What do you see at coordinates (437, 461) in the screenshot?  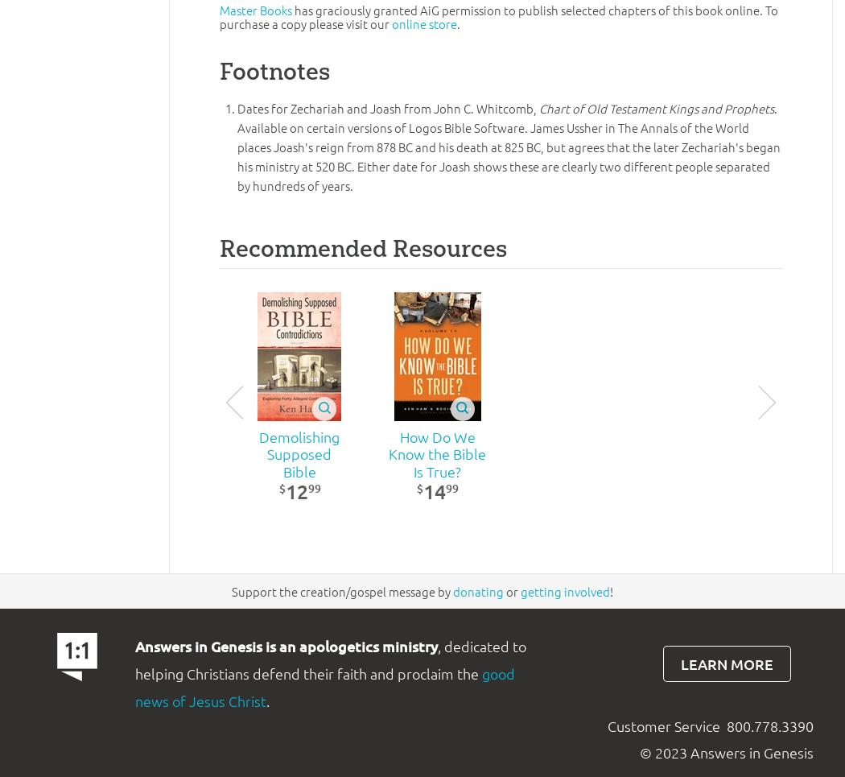 I see `'How Do We Know the Bible Is True? Volume 1'` at bounding box center [437, 461].